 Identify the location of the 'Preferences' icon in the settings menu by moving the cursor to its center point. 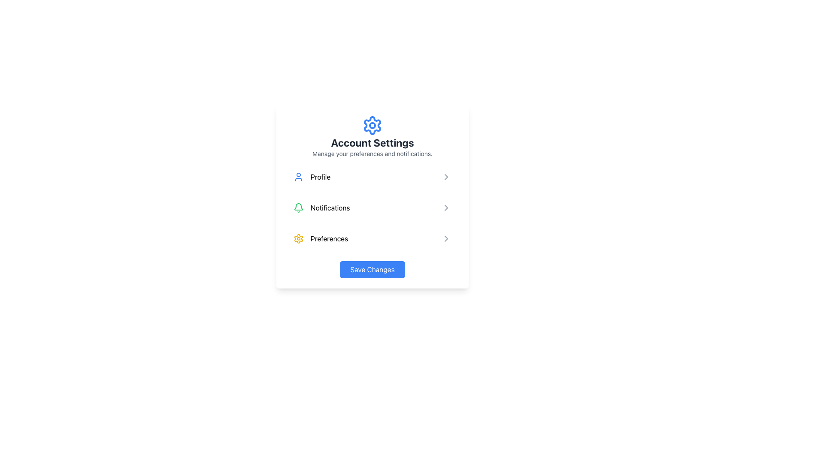
(299, 238).